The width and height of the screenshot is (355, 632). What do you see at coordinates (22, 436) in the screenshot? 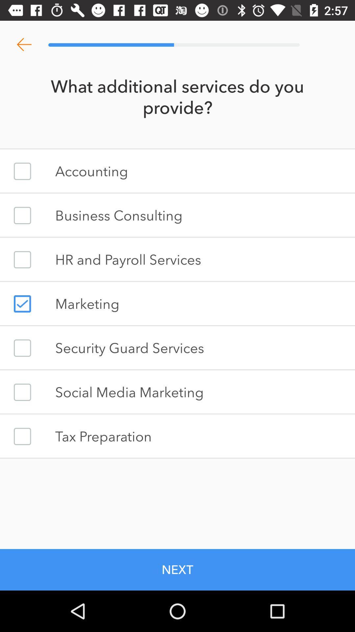
I see `option` at bounding box center [22, 436].